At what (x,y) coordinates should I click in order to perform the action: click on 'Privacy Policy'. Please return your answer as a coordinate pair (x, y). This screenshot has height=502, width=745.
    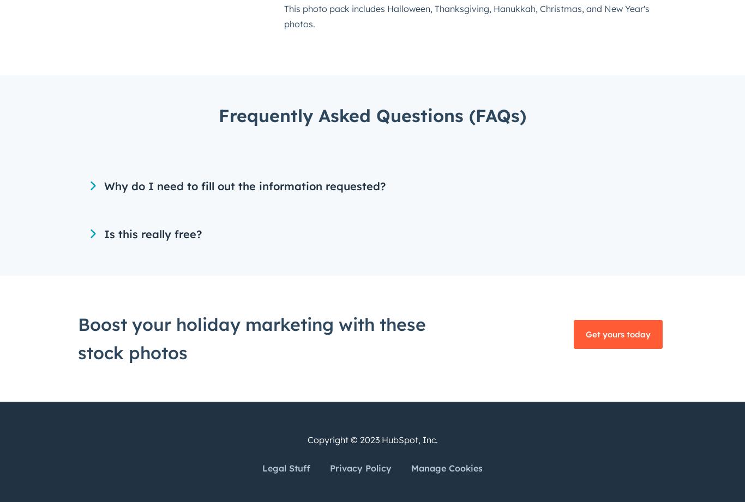
    Looking at the image, I should click on (360, 467).